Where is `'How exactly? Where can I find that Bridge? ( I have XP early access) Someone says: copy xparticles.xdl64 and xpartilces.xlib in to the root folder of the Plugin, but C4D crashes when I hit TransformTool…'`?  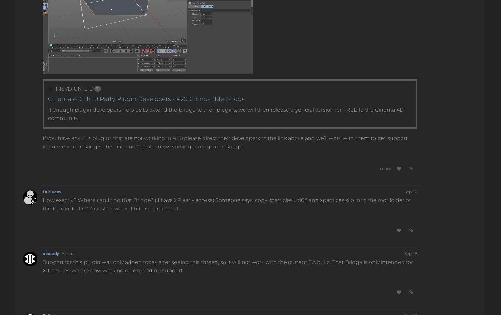 'How exactly? Where can I find that Bridge? ( I have XP early access) Someone says: copy xparticles.xdl64 and xpartilces.xlib in to the root folder of the Plugin, but C4D crashes when I hit TransformTool…' is located at coordinates (226, 204).